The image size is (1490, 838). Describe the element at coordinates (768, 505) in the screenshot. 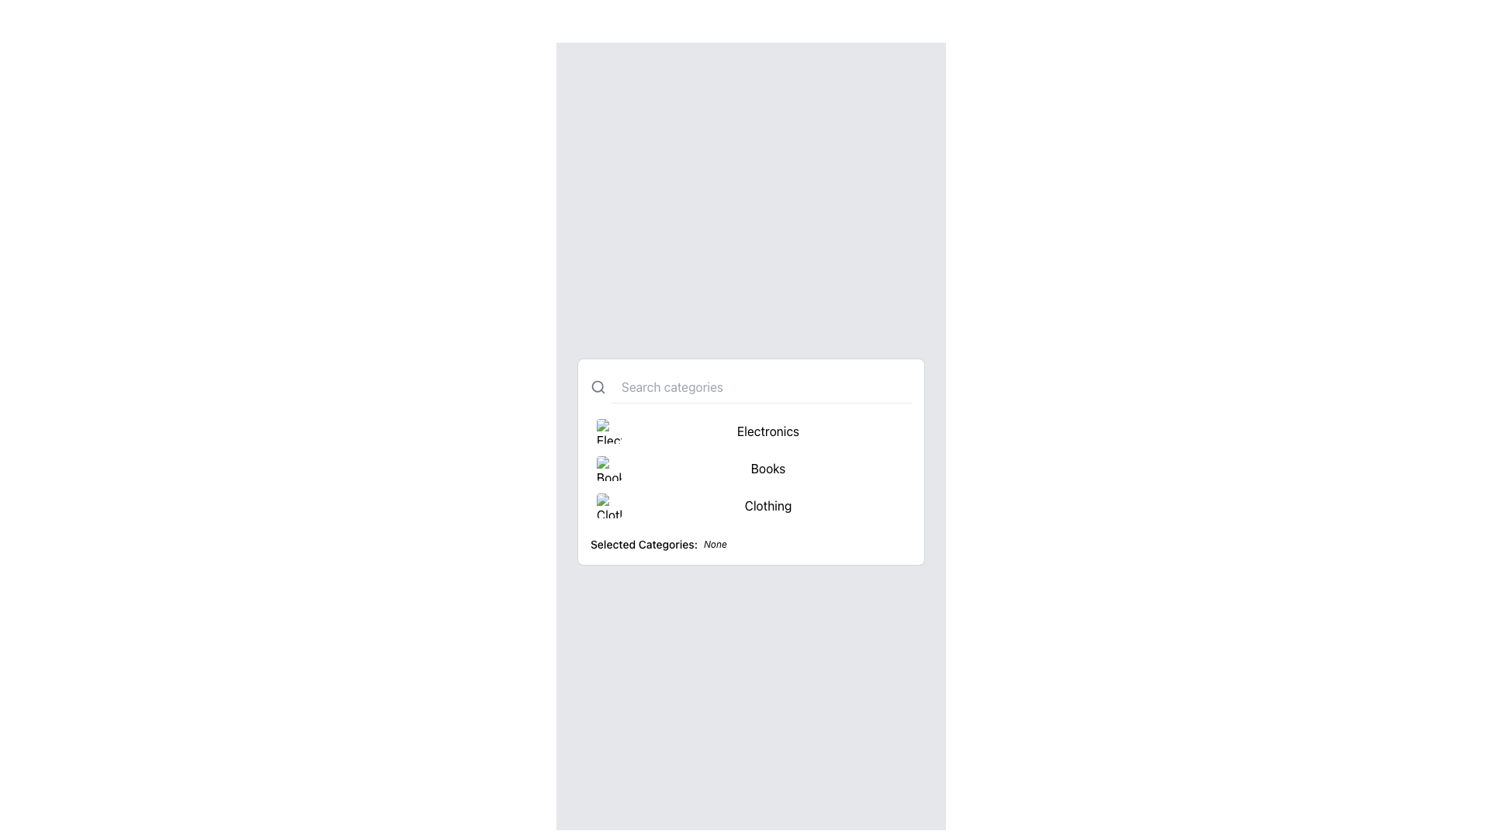

I see `the selectable category label for 'Clothing', which is the third option in the category list positioned beside an image` at that location.